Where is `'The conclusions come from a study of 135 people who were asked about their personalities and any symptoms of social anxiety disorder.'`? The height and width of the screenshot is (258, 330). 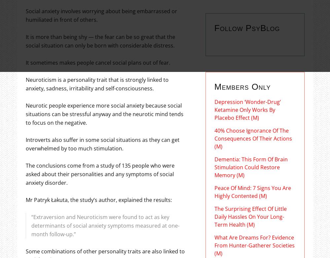
'The conclusions come from a study of 135 people who were asked about their personalities and any symptoms of social anxiety disorder.' is located at coordinates (25, 174).